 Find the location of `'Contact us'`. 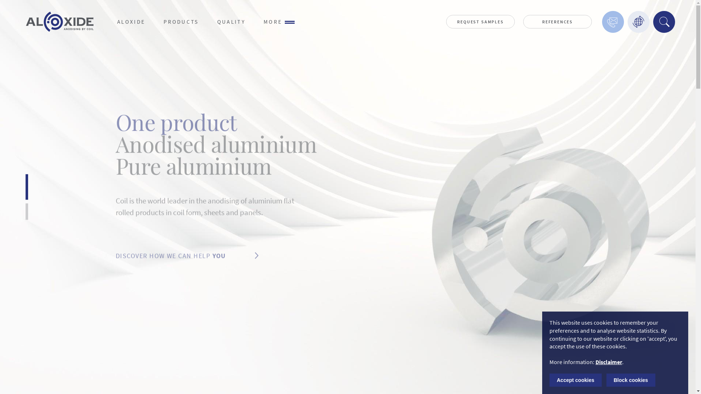

'Contact us' is located at coordinates (602, 22).